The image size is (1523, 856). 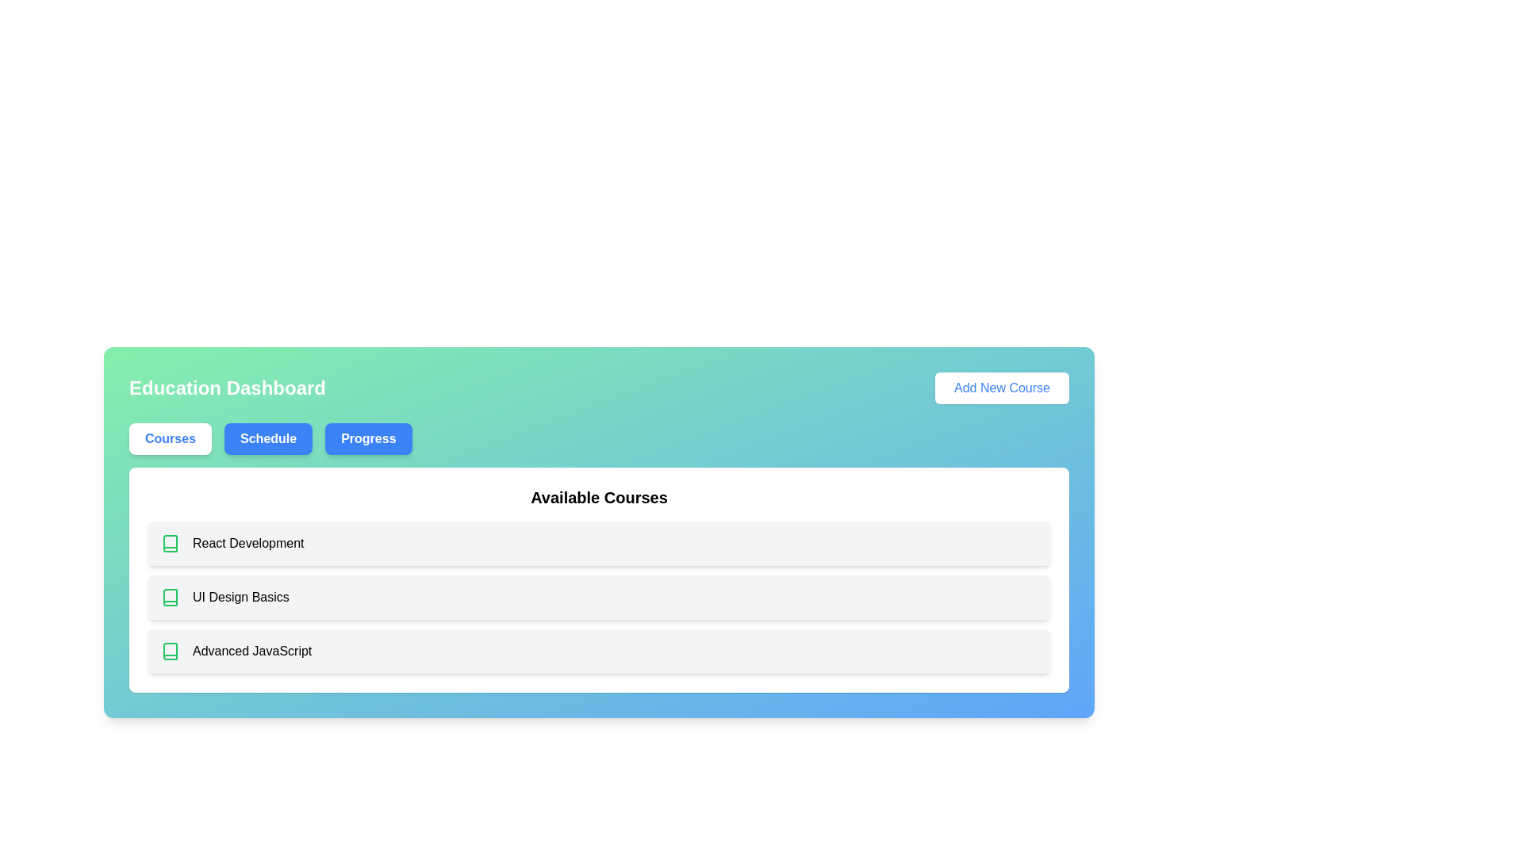 I want to click on title text label located within the second item of the course list, positioned below 'React Development' and above 'Advanced JavaScript', which has a light-gray background and rounded corners, so click(x=240, y=597).